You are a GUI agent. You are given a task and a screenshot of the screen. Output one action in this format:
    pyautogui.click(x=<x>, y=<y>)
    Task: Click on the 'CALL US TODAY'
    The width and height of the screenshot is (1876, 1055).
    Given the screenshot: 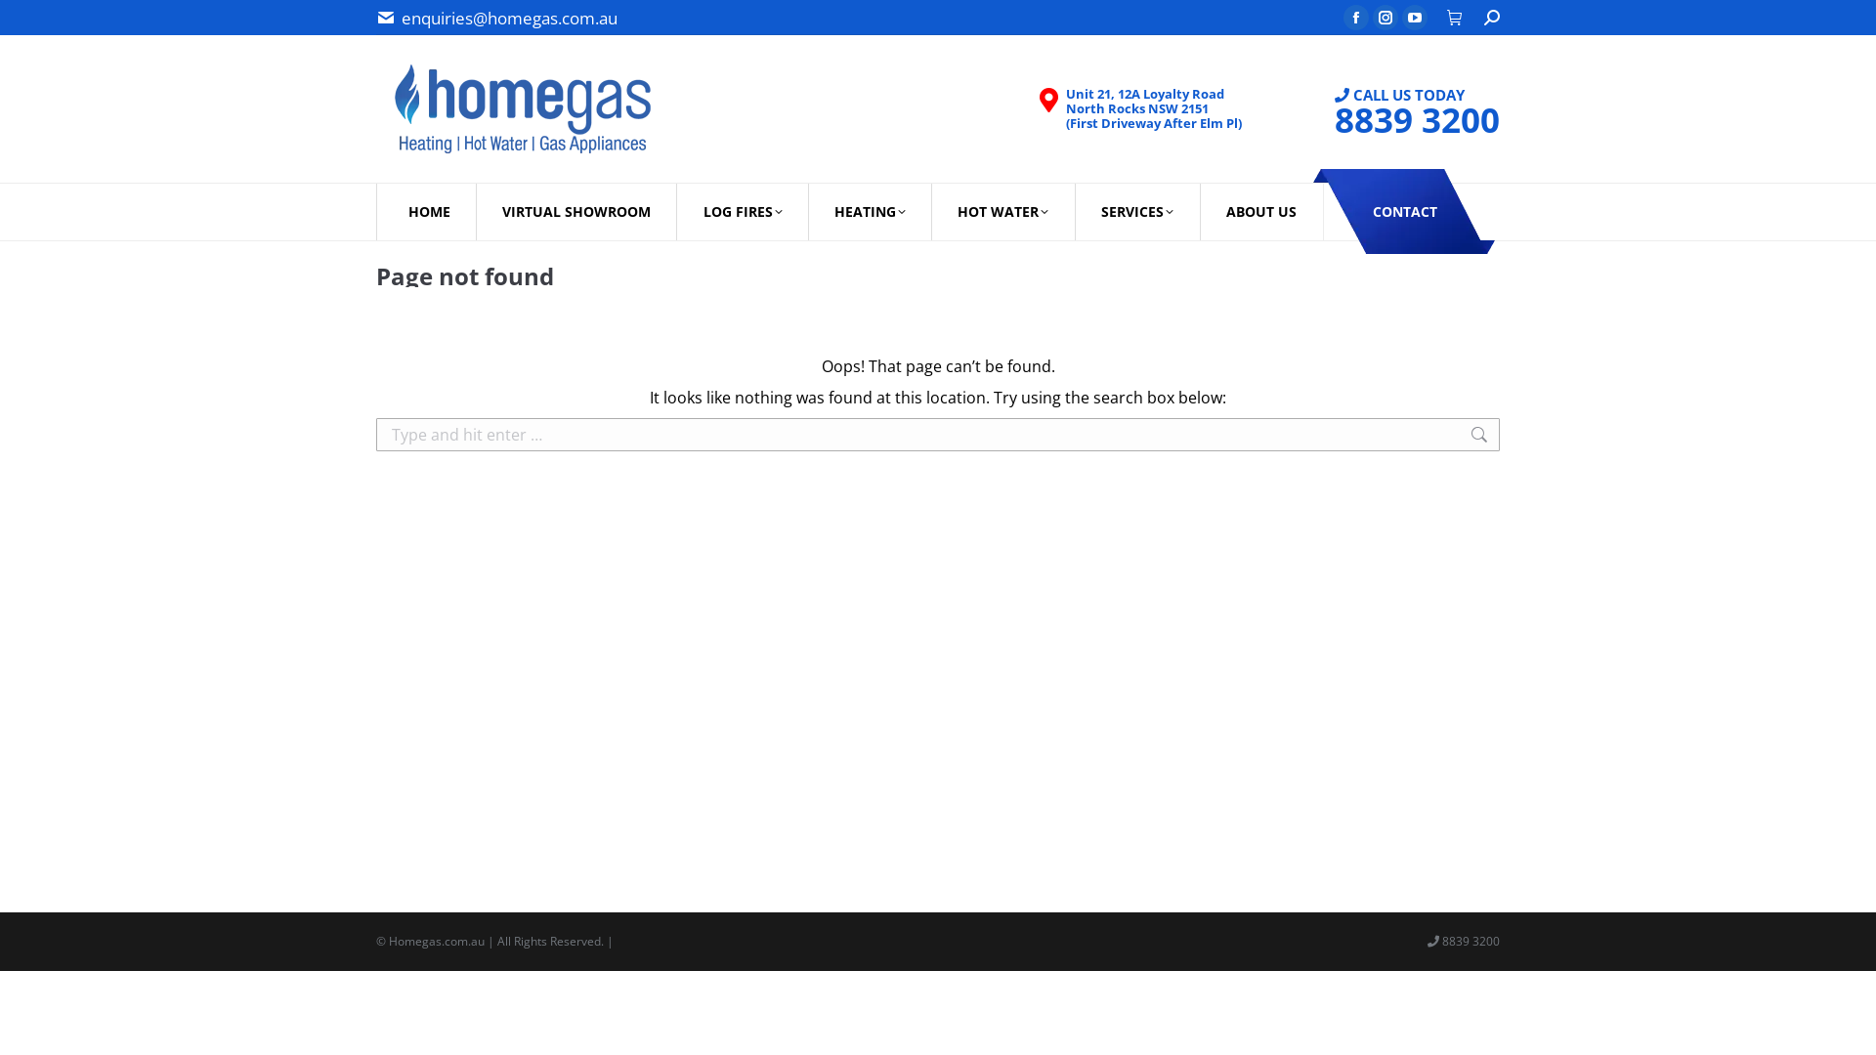 What is the action you would take?
    pyautogui.click(x=1398, y=108)
    